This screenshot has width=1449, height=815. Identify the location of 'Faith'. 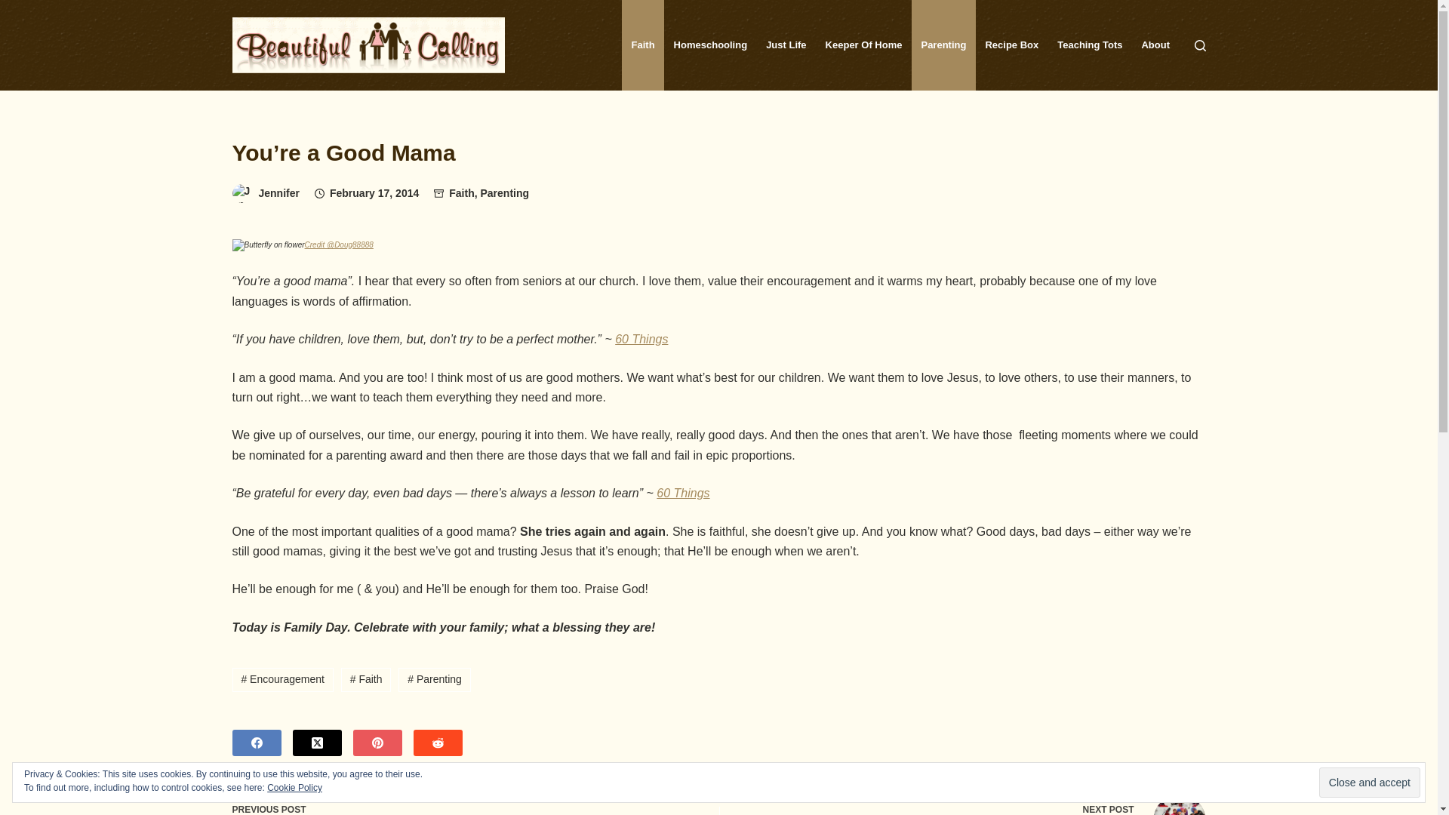
(460, 192).